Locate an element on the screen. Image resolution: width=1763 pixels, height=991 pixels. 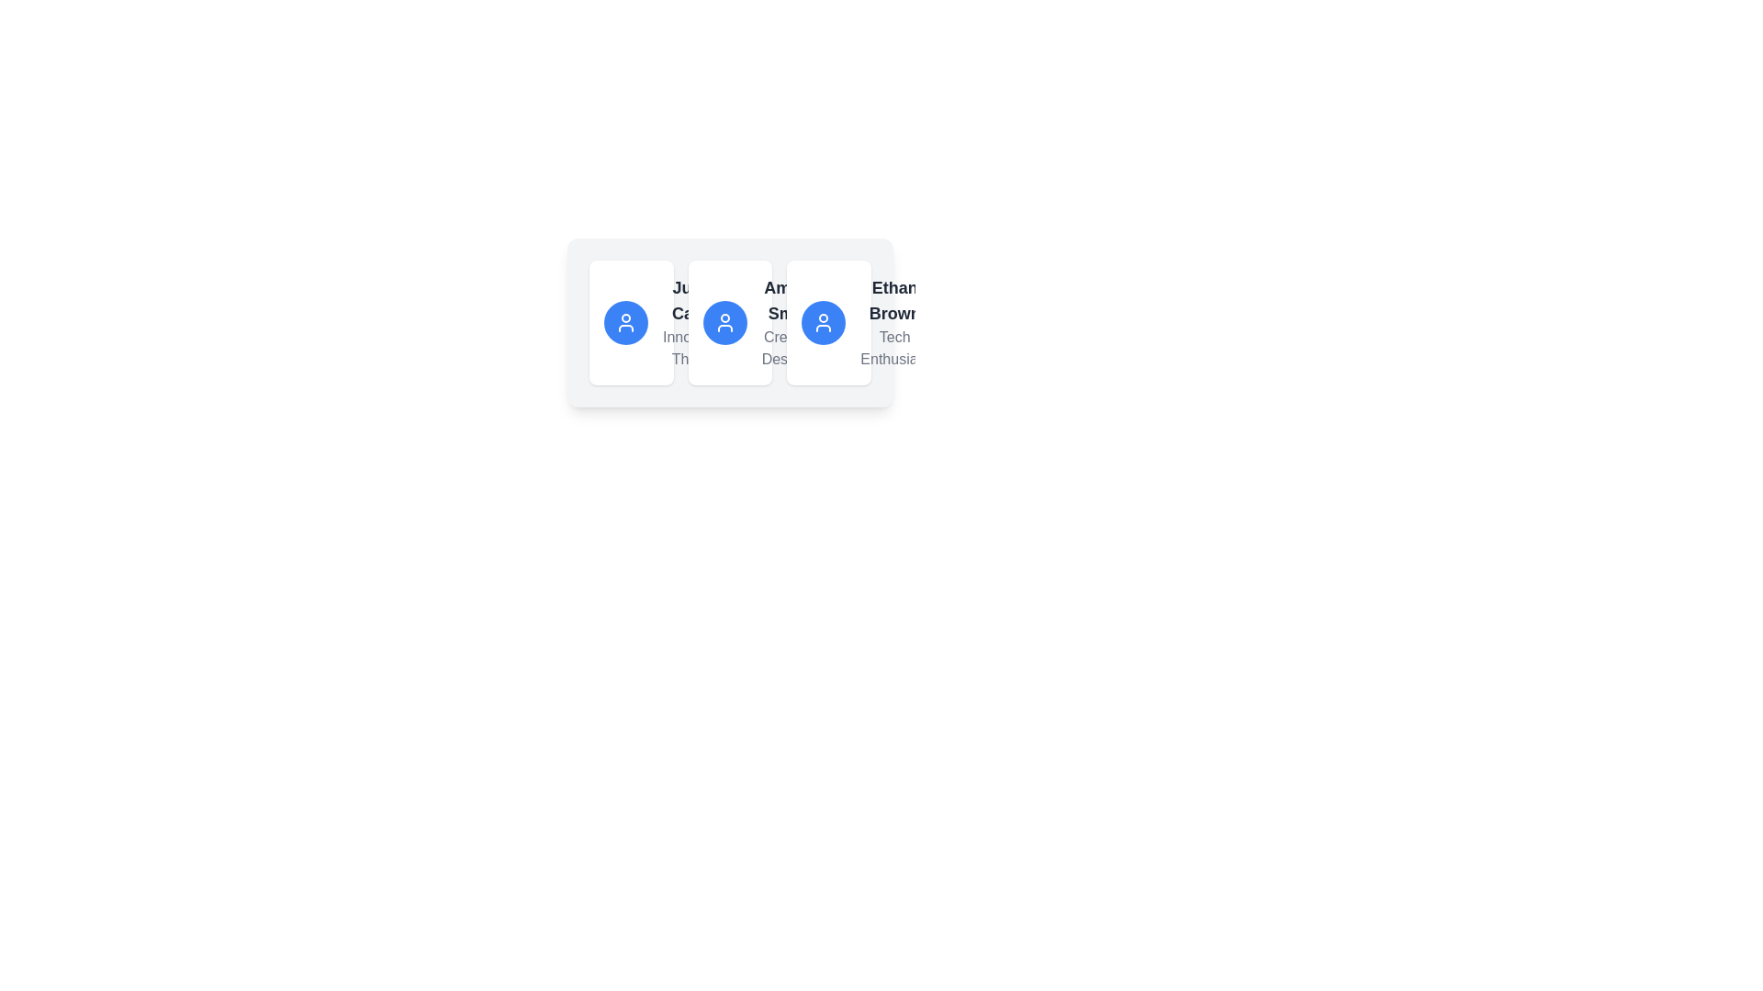
the user profile icon, which is centrally located in the middle card of three horizontally-aligned cards is located at coordinates (729, 321).